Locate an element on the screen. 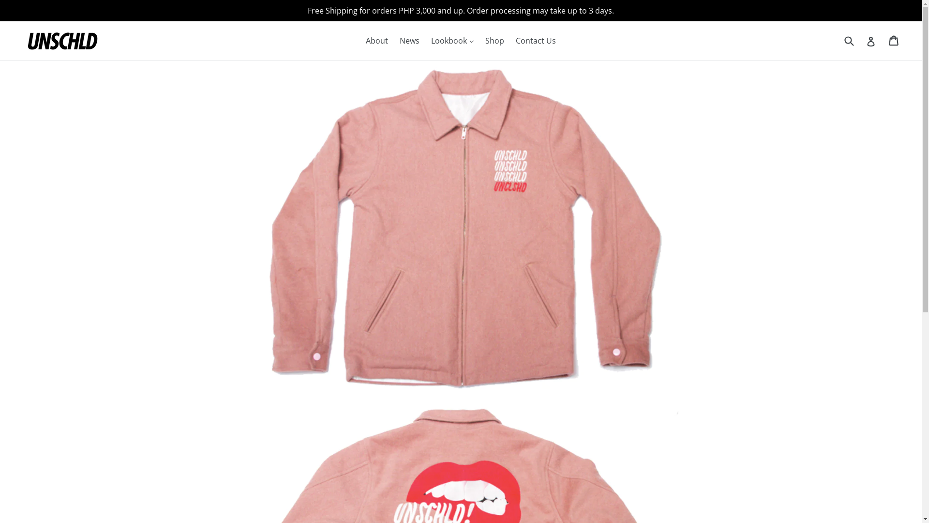  'Shop' is located at coordinates (480, 40).